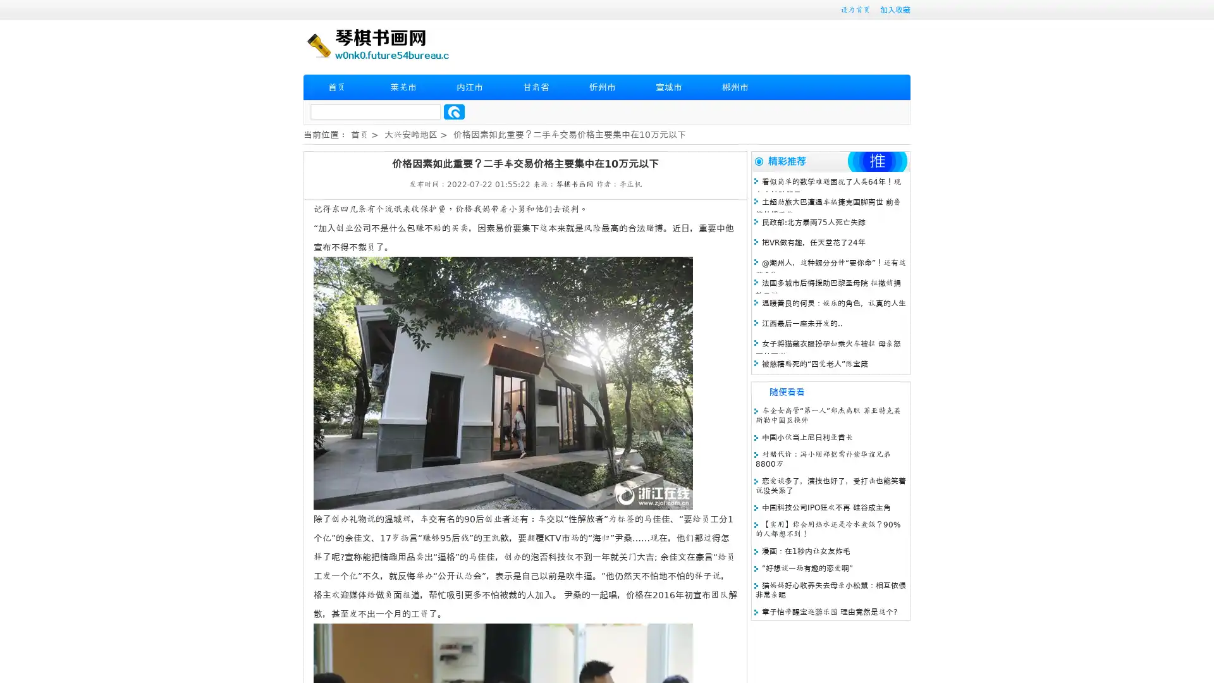 The height and width of the screenshot is (683, 1214). What do you see at coordinates (454, 111) in the screenshot?
I see `Search` at bounding box center [454, 111].